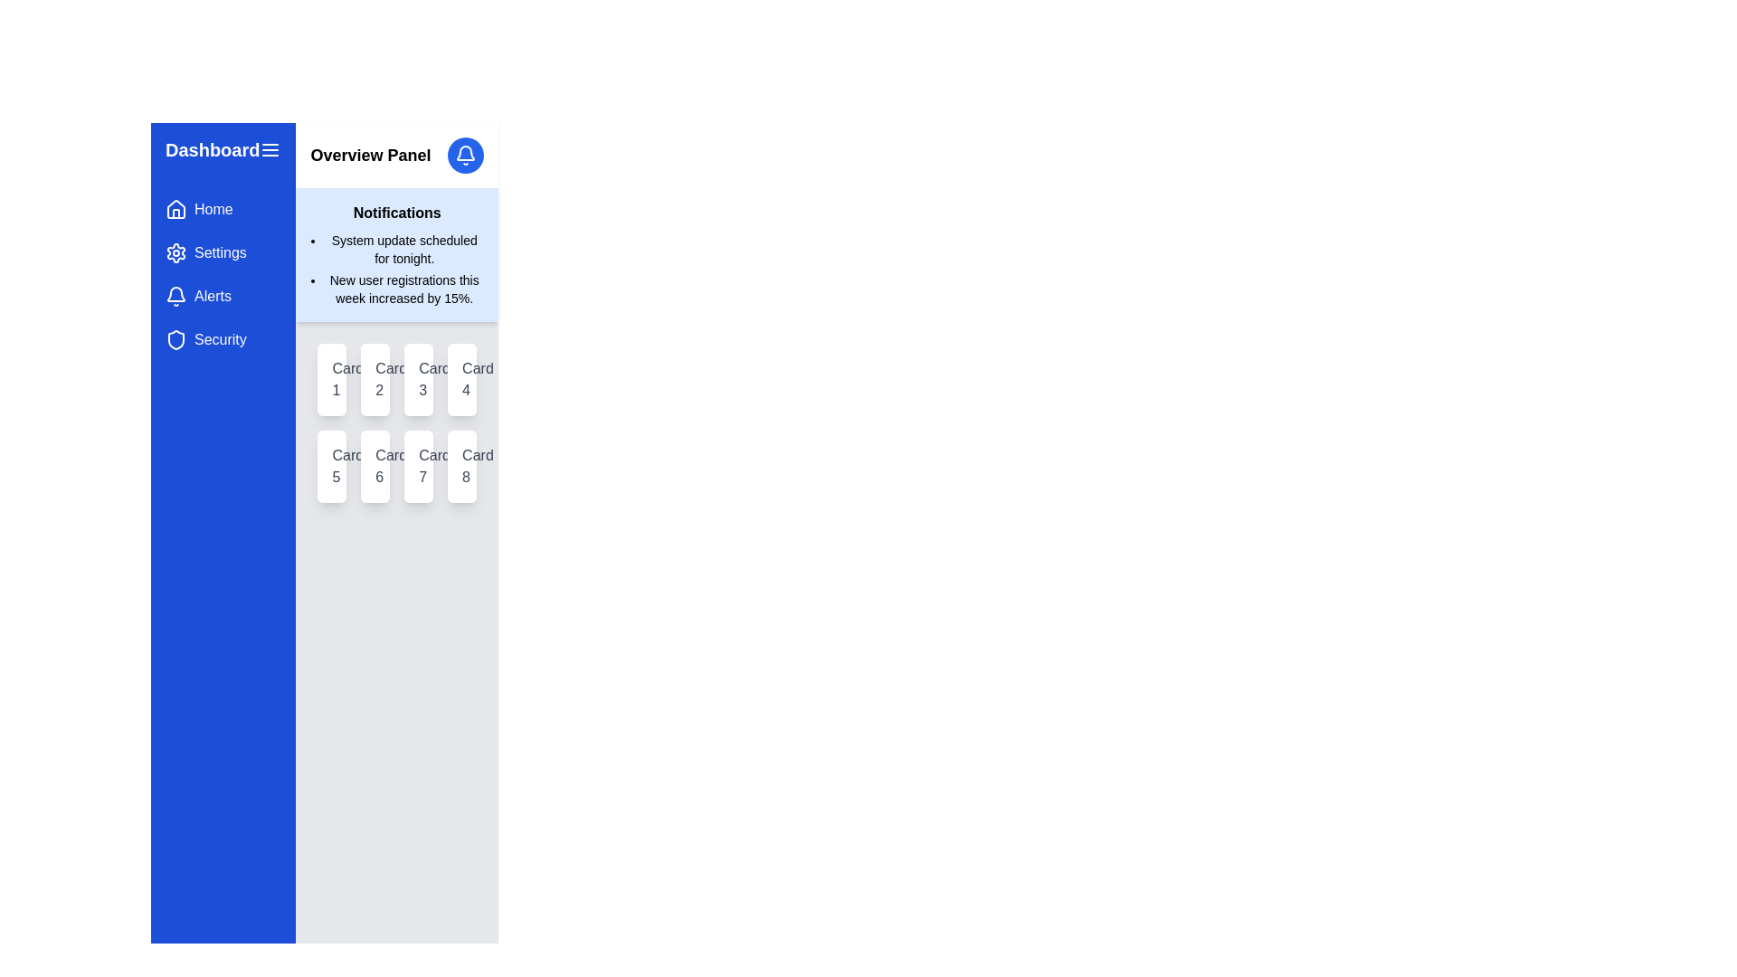 This screenshot has width=1737, height=977. I want to click on the 'Security' icon located in the side navigation menu of the dashboard interface, so click(176, 339).